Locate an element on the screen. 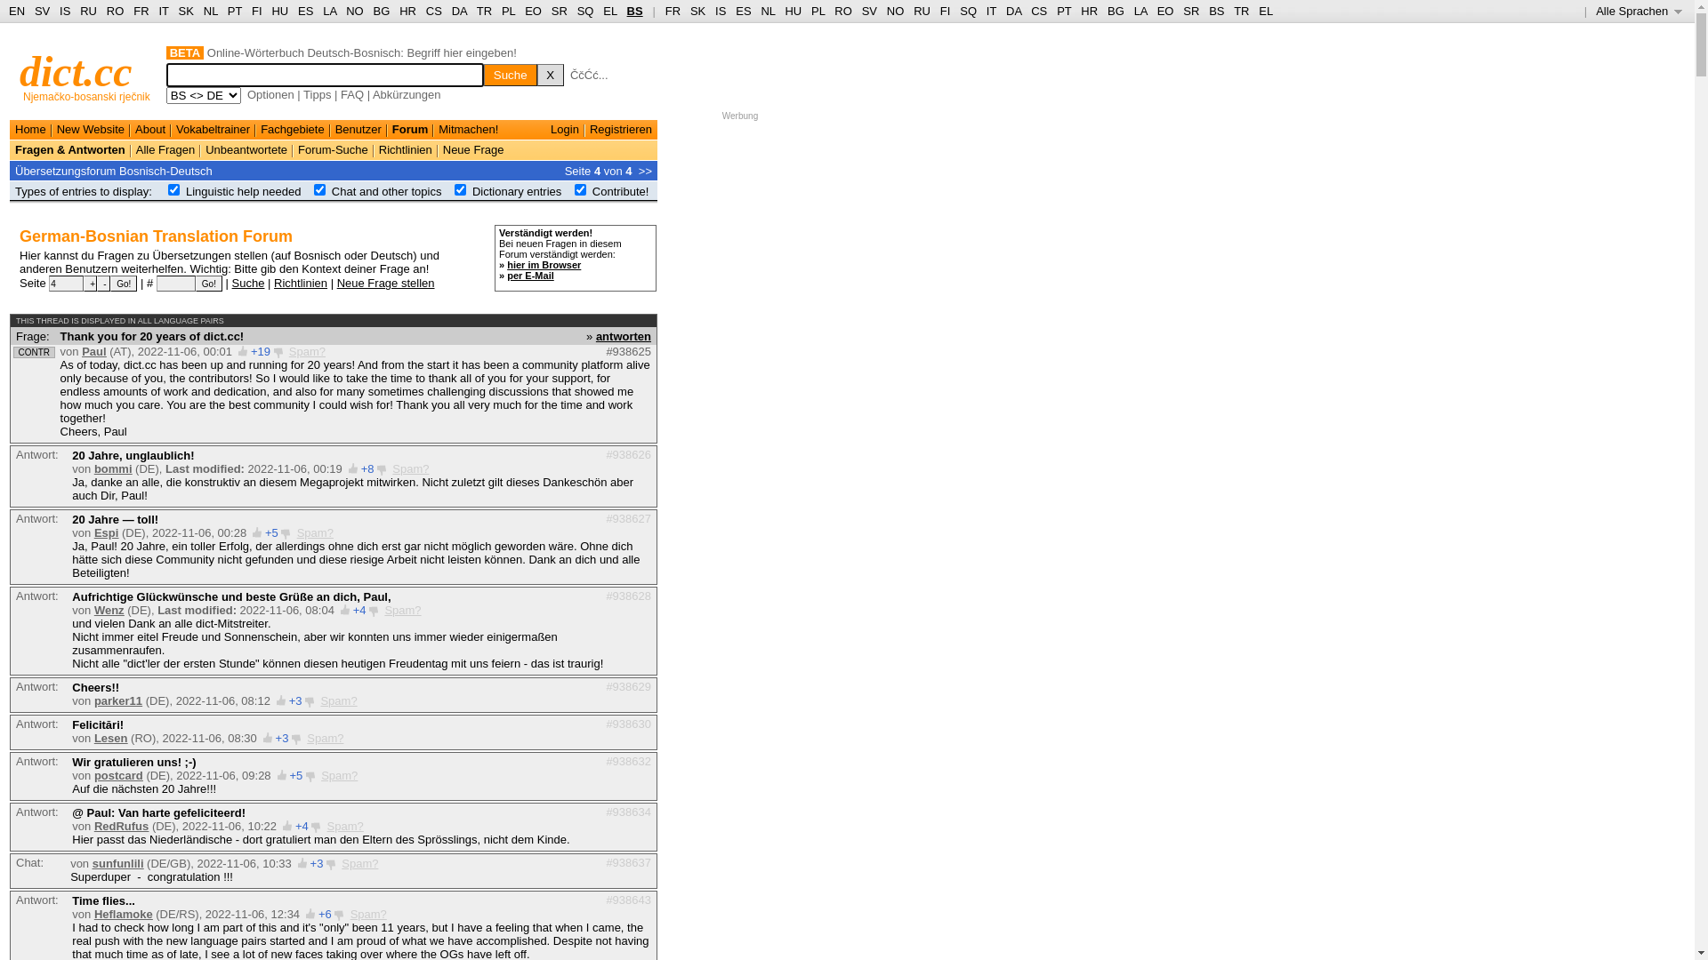 This screenshot has height=960, width=1708. 'Alle Sprachen ' is located at coordinates (1638, 11).